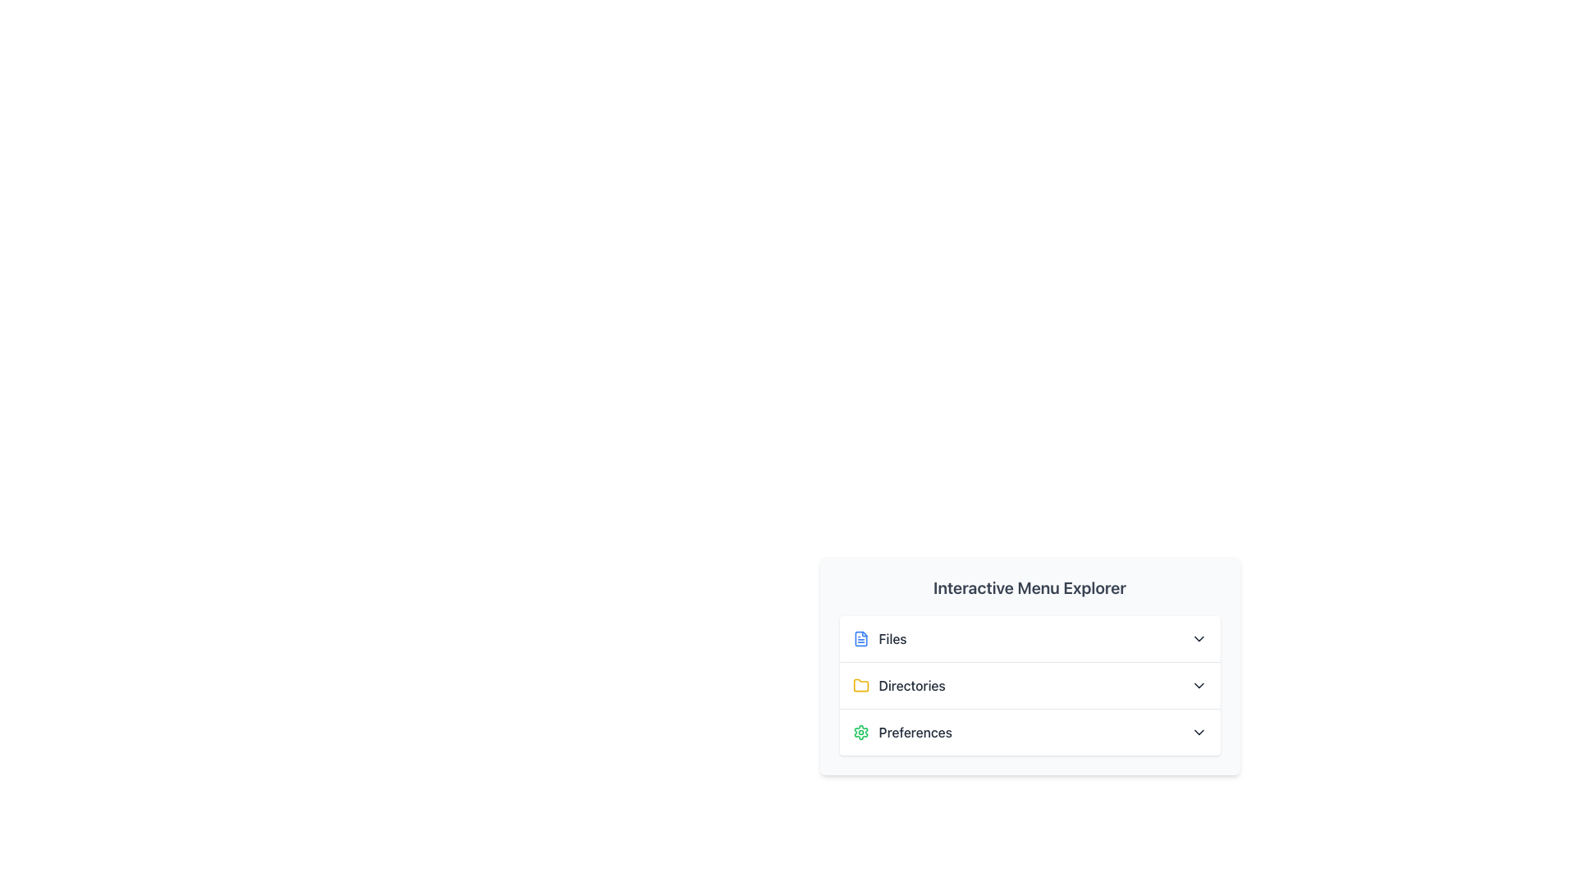 This screenshot has height=886, width=1575. What do you see at coordinates (898, 686) in the screenshot?
I see `the yellow folder icon next to the 'Directories' menu item` at bounding box center [898, 686].